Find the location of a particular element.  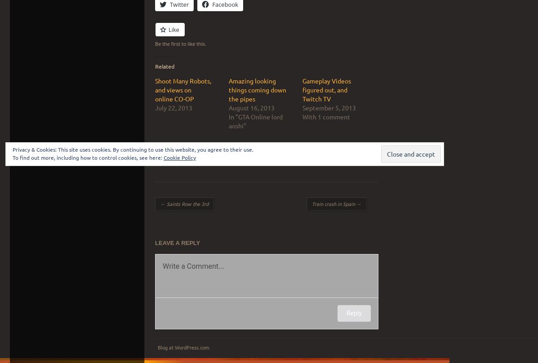

'Facebook' is located at coordinates (211, 4).